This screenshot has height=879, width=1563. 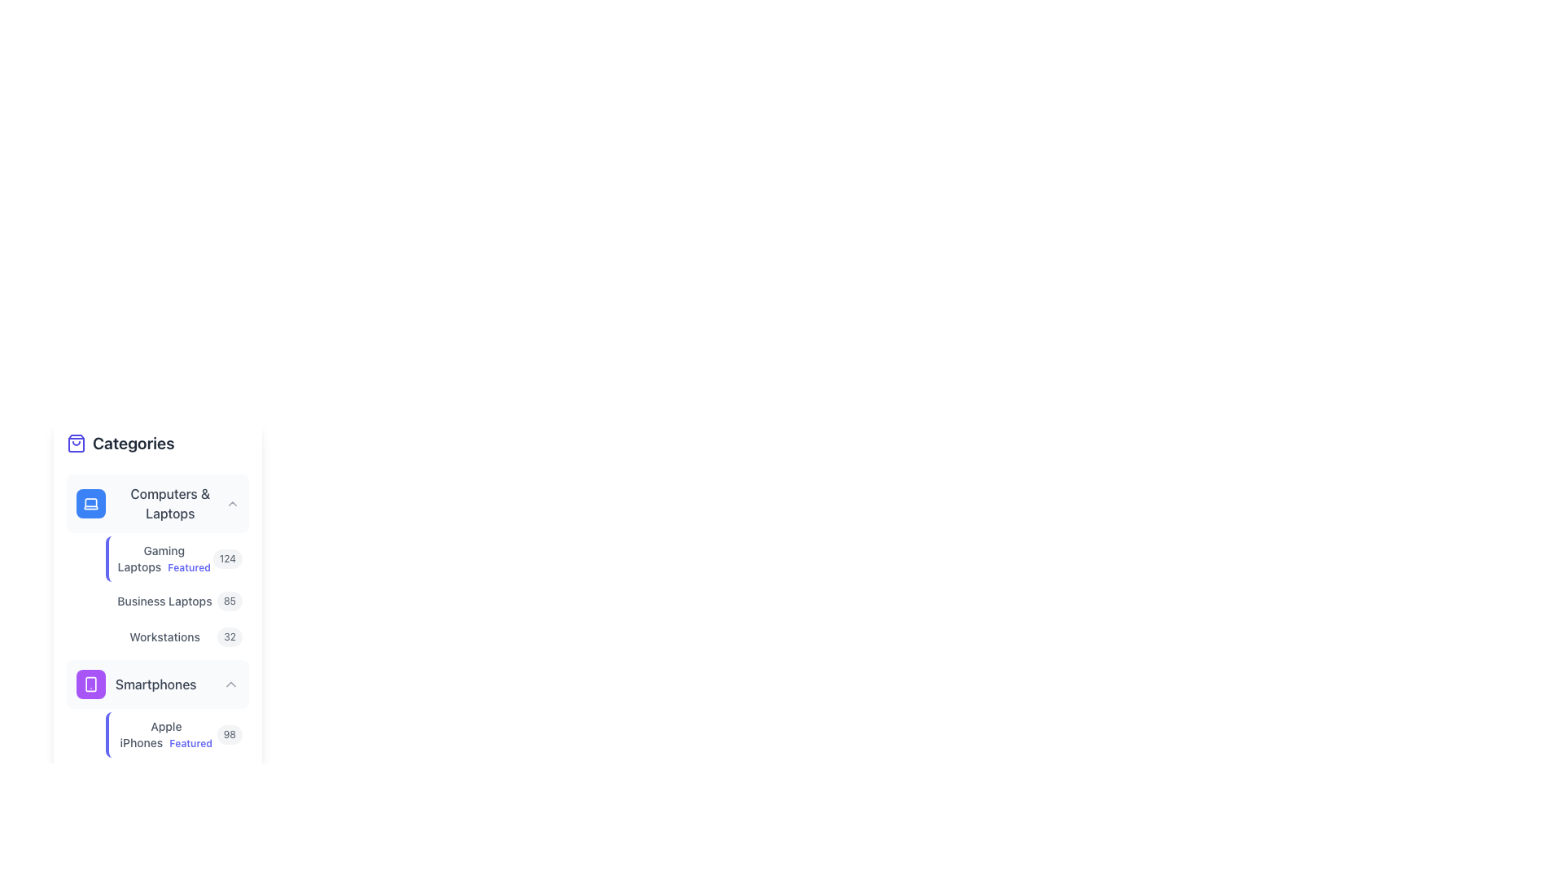 What do you see at coordinates (134, 443) in the screenshot?
I see `text from the label displaying 'Categories', which is styled in bold and dark gray, located near the top of the vertical menu on the left side of the interface` at bounding box center [134, 443].